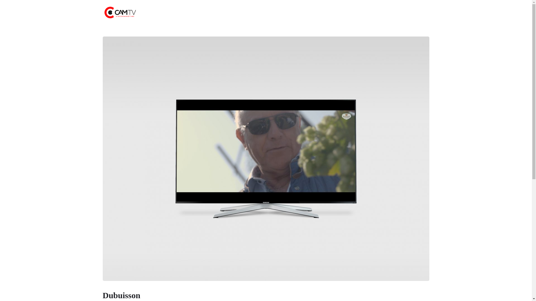 The height and width of the screenshot is (301, 536). I want to click on 'CONTACT', so click(333, 13).